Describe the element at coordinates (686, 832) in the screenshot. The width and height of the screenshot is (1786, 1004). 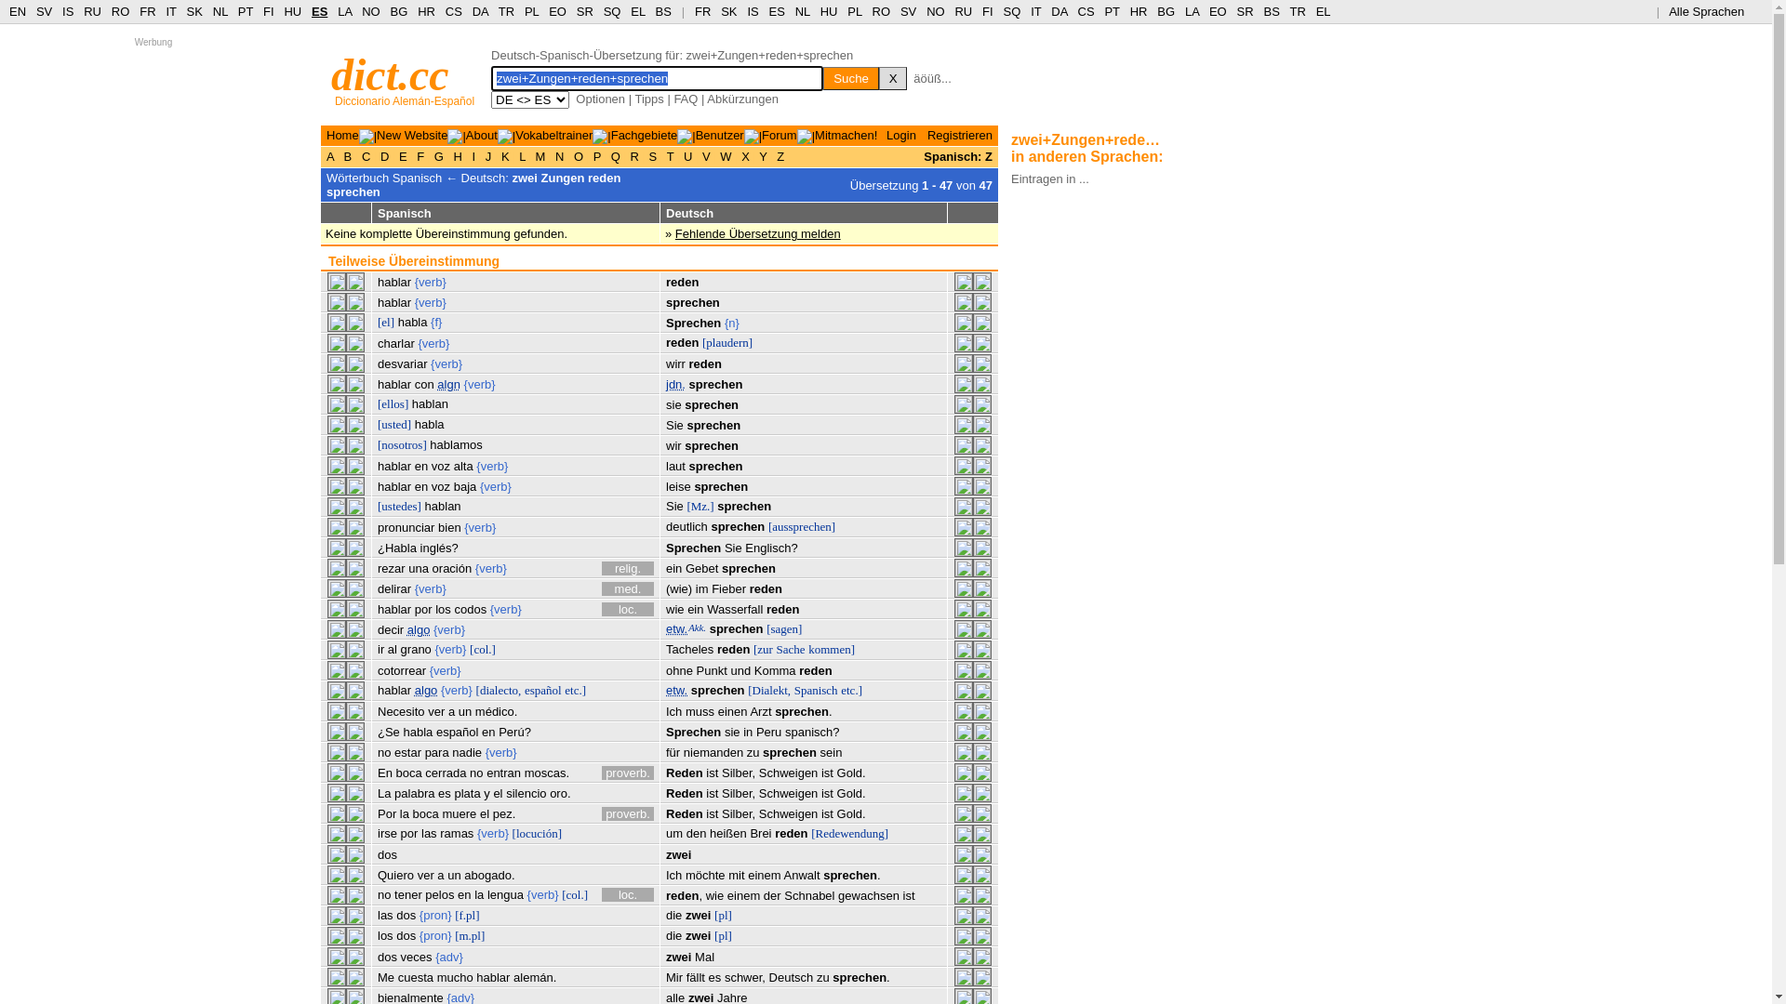
I see `'den'` at that location.